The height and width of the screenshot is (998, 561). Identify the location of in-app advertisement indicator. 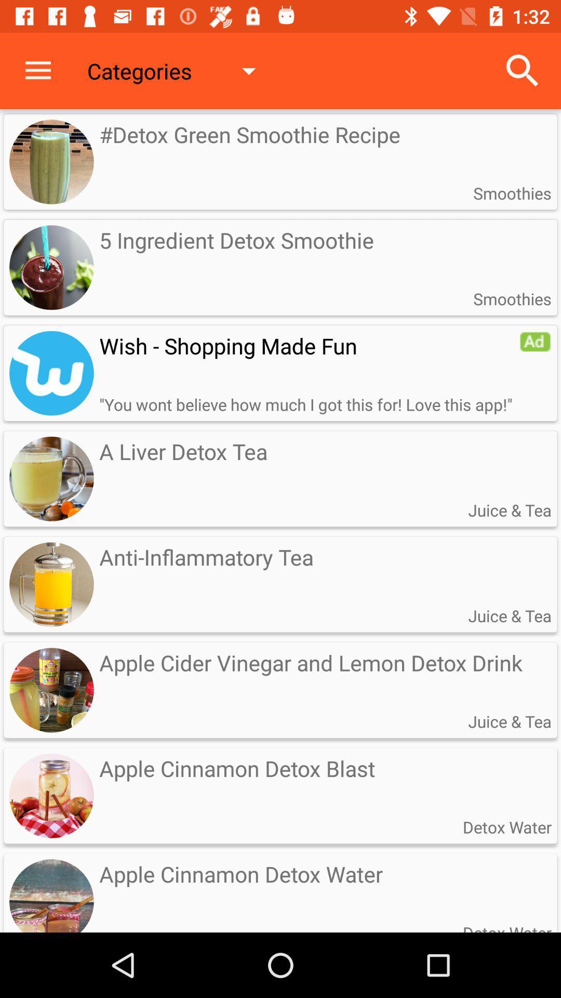
(535, 342).